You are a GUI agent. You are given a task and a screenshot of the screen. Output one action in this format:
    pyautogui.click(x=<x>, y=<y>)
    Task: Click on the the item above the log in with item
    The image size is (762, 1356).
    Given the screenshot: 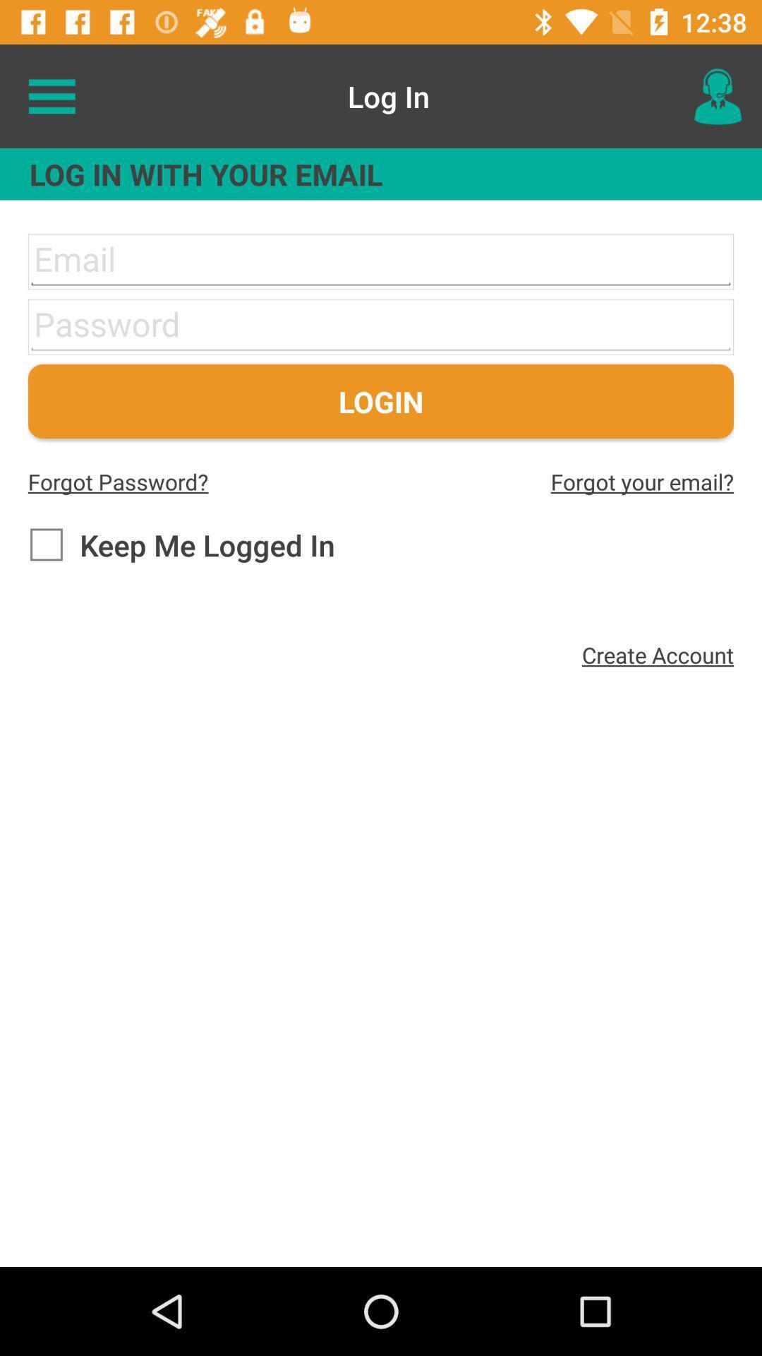 What is the action you would take?
    pyautogui.click(x=718, y=95)
    